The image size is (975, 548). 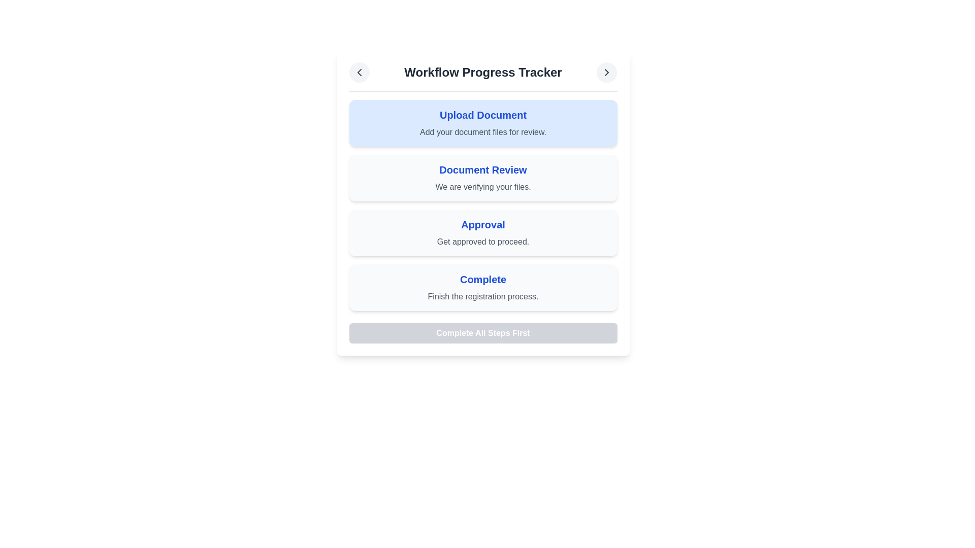 What do you see at coordinates (482, 123) in the screenshot?
I see `the 'Upload Document' step indicator panel in the 'Workflow Progress Tracker' that provides the title and description` at bounding box center [482, 123].